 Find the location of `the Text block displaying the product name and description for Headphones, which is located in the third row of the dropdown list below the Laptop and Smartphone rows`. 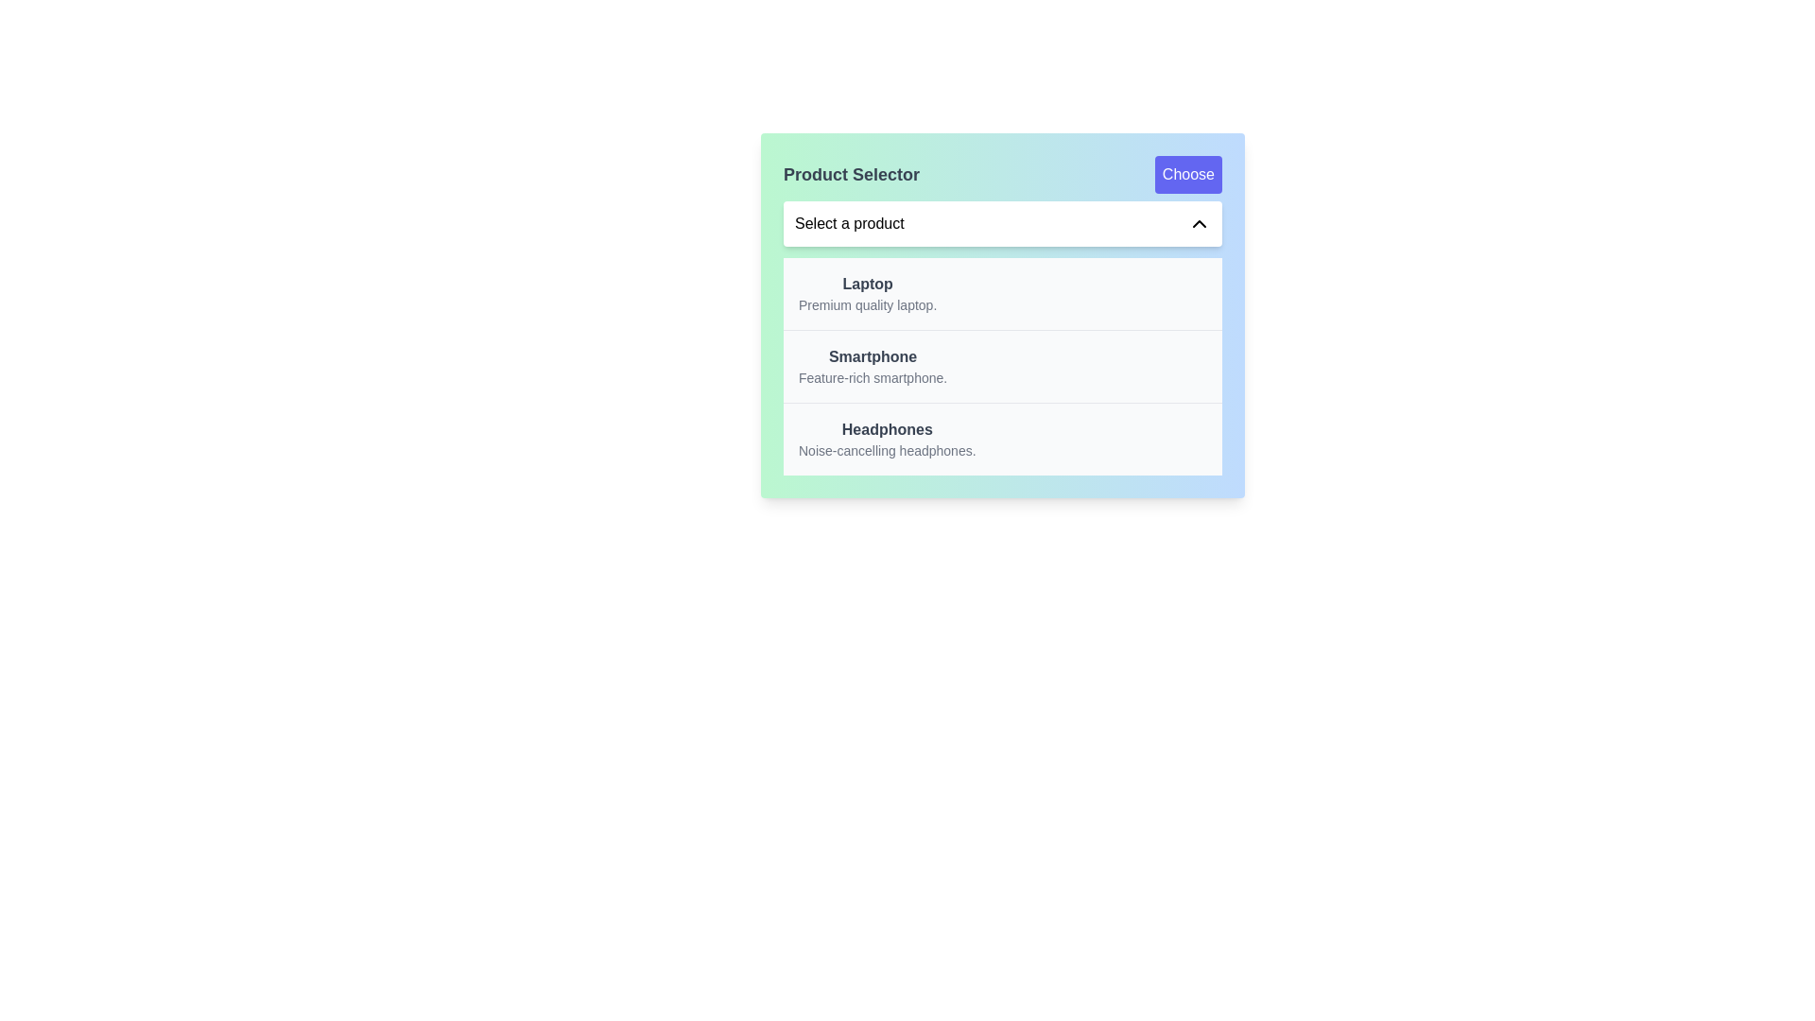

the Text block displaying the product name and description for Headphones, which is located in the third row of the dropdown list below the Laptop and Smartphone rows is located at coordinates (886, 440).